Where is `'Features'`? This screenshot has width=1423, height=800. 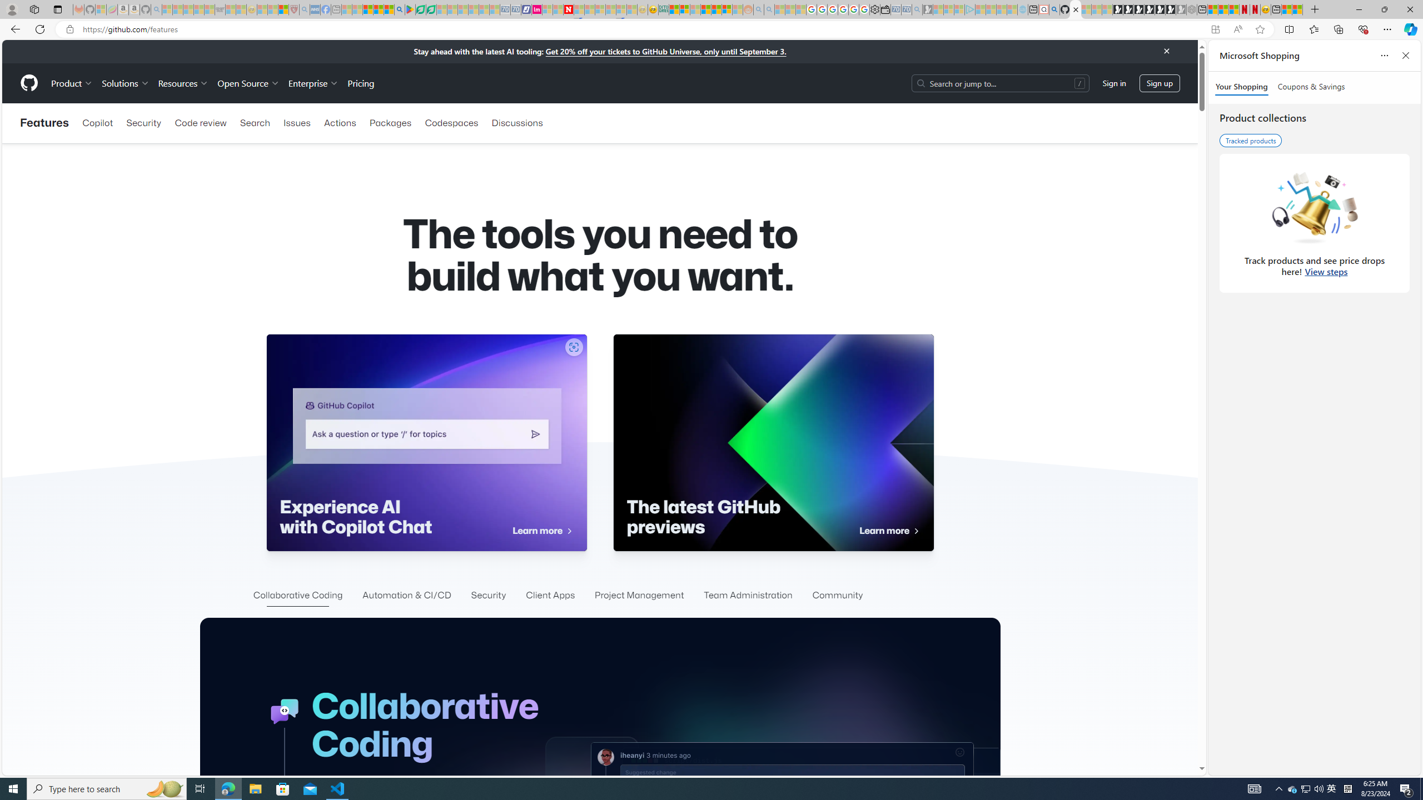
'Features' is located at coordinates (44, 123).